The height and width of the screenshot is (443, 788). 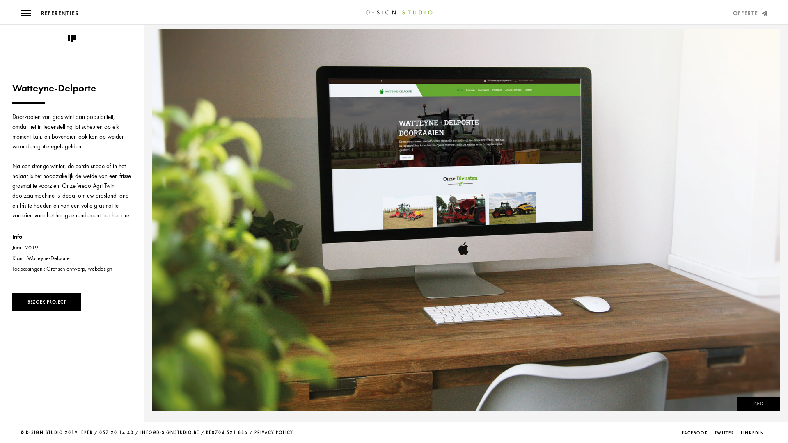 What do you see at coordinates (59, 14) in the screenshot?
I see `'REFERENTIES'` at bounding box center [59, 14].